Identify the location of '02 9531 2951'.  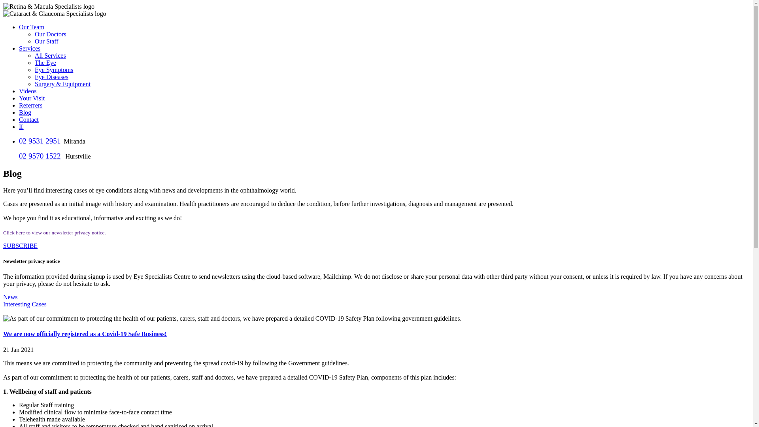
(39, 140).